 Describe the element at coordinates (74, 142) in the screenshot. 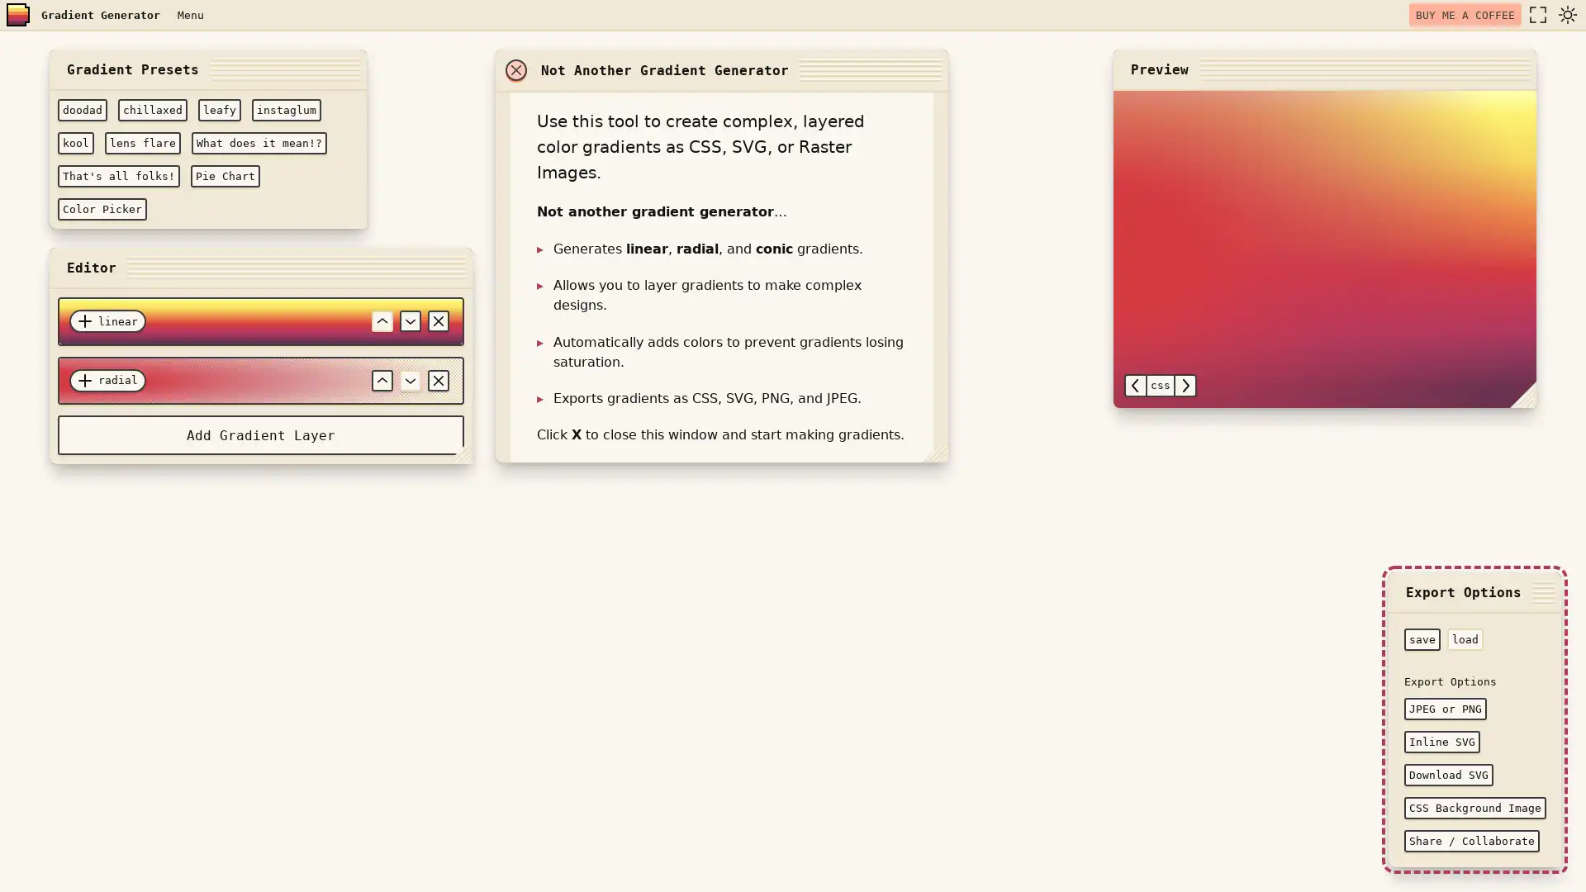

I see `kool` at that location.